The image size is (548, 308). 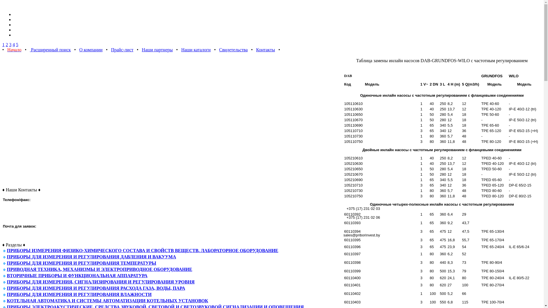 I want to click on '5', so click(x=17, y=44).